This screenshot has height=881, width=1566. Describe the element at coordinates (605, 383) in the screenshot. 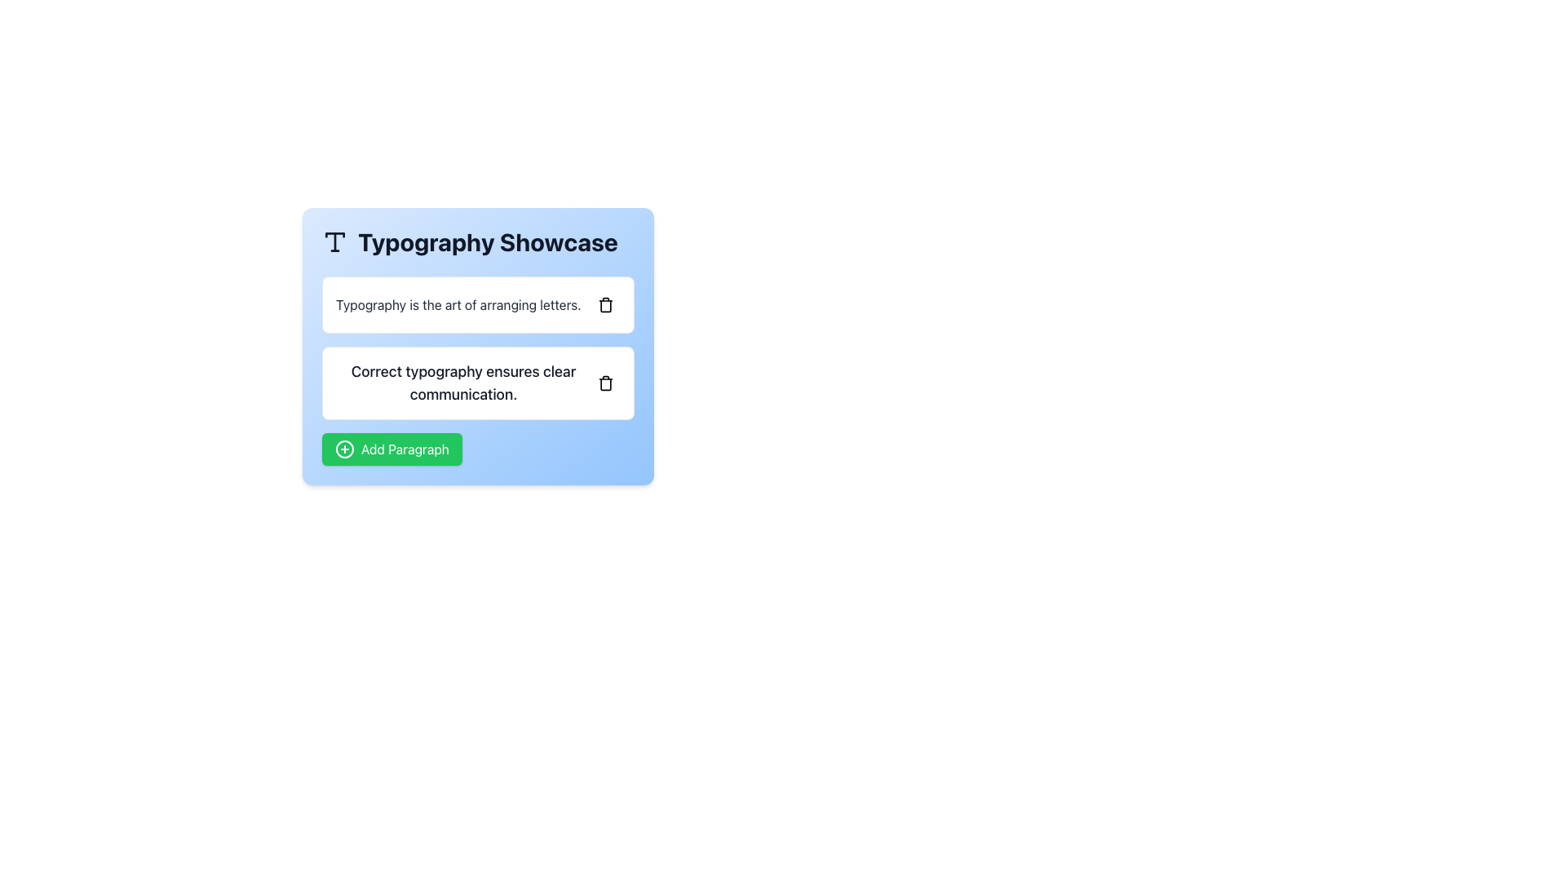

I see `the trash bin icon button located in the lower-right area of the second text entry field` at that location.